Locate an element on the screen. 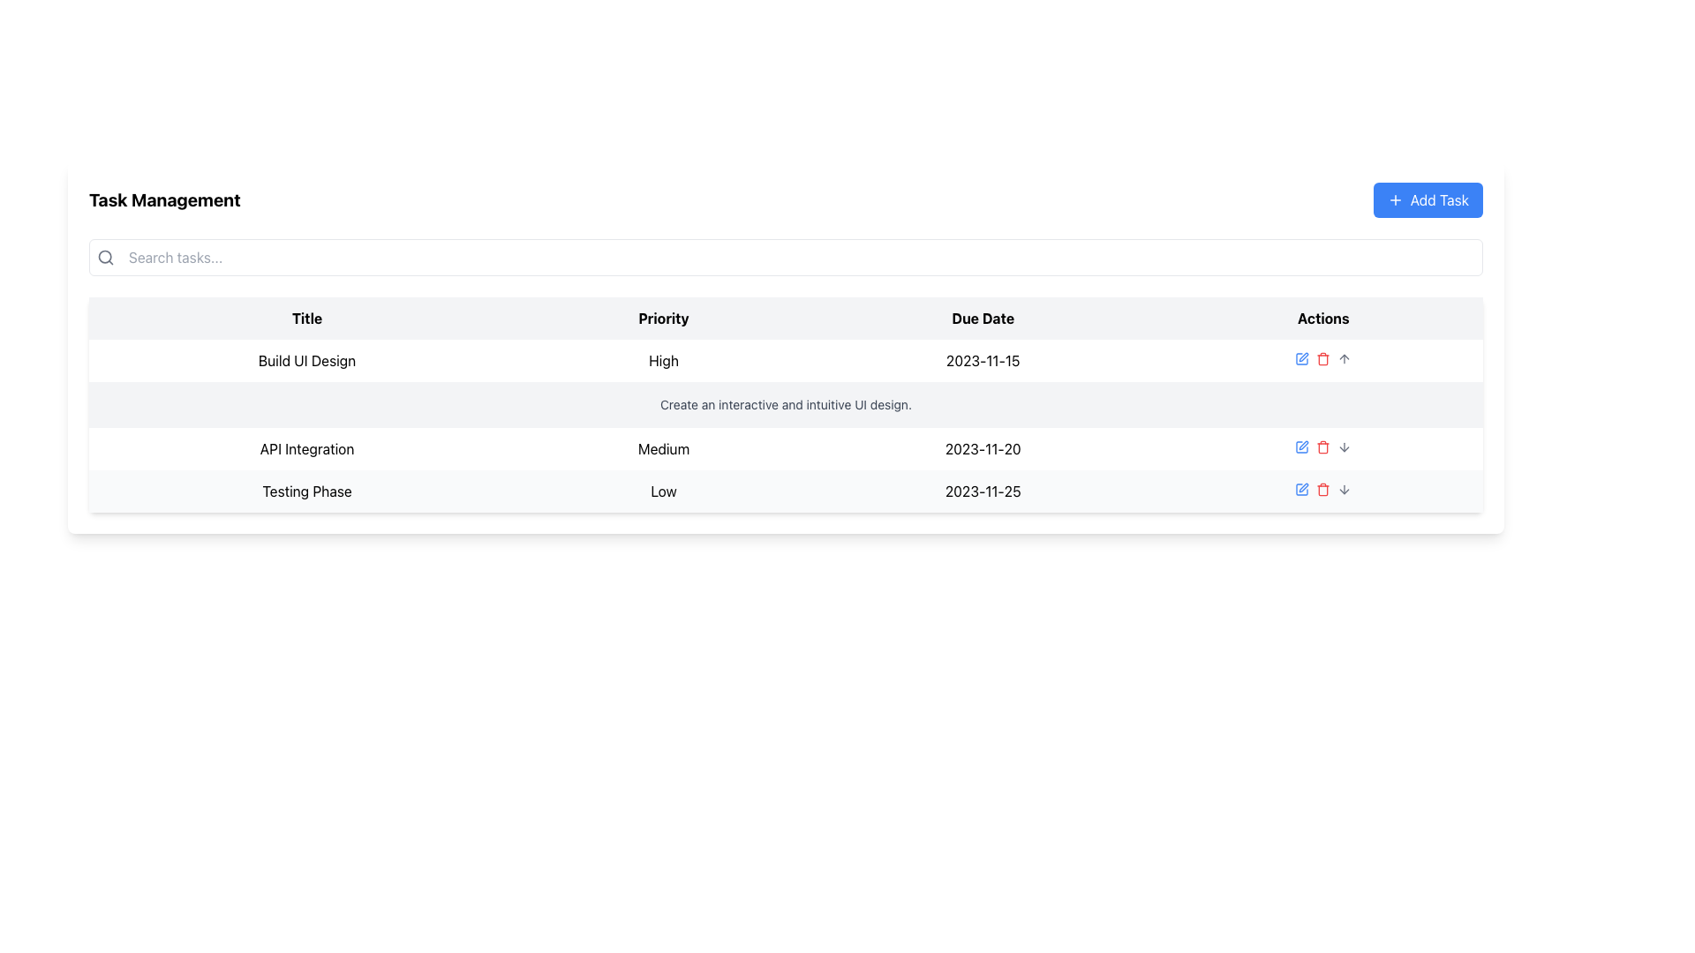 The image size is (1695, 953). the pencil icon in the 'Actions' column of the second row for 'API Integration' to initiate editing is located at coordinates (1304, 357).